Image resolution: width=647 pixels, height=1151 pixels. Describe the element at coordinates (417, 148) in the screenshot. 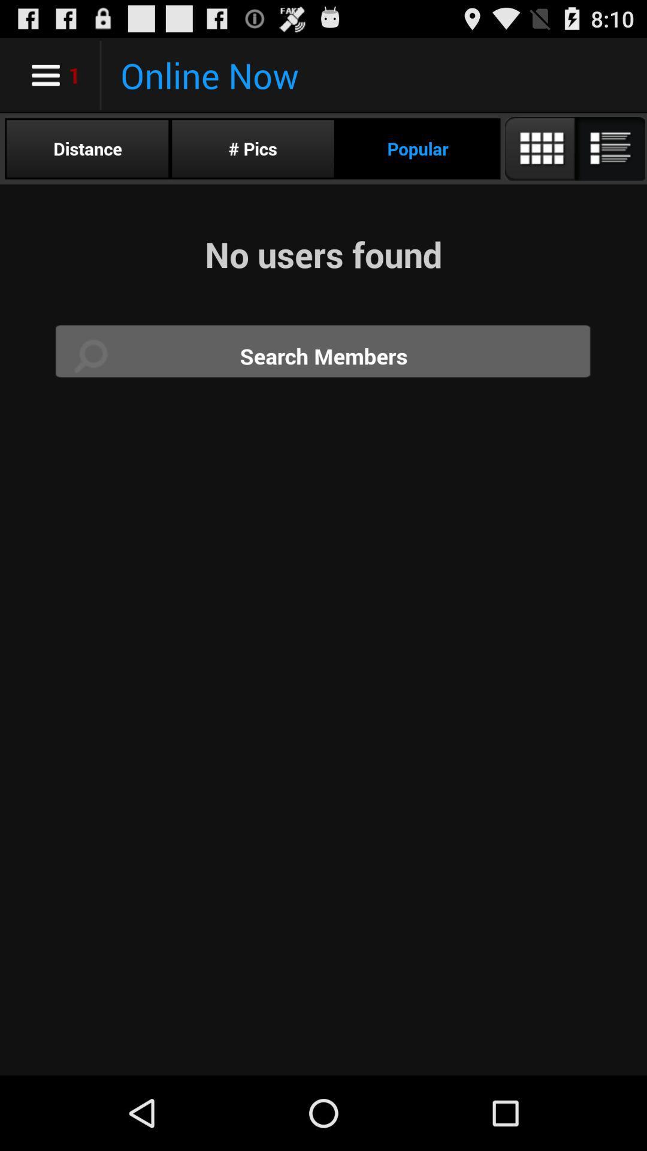

I see `app below the online now` at that location.